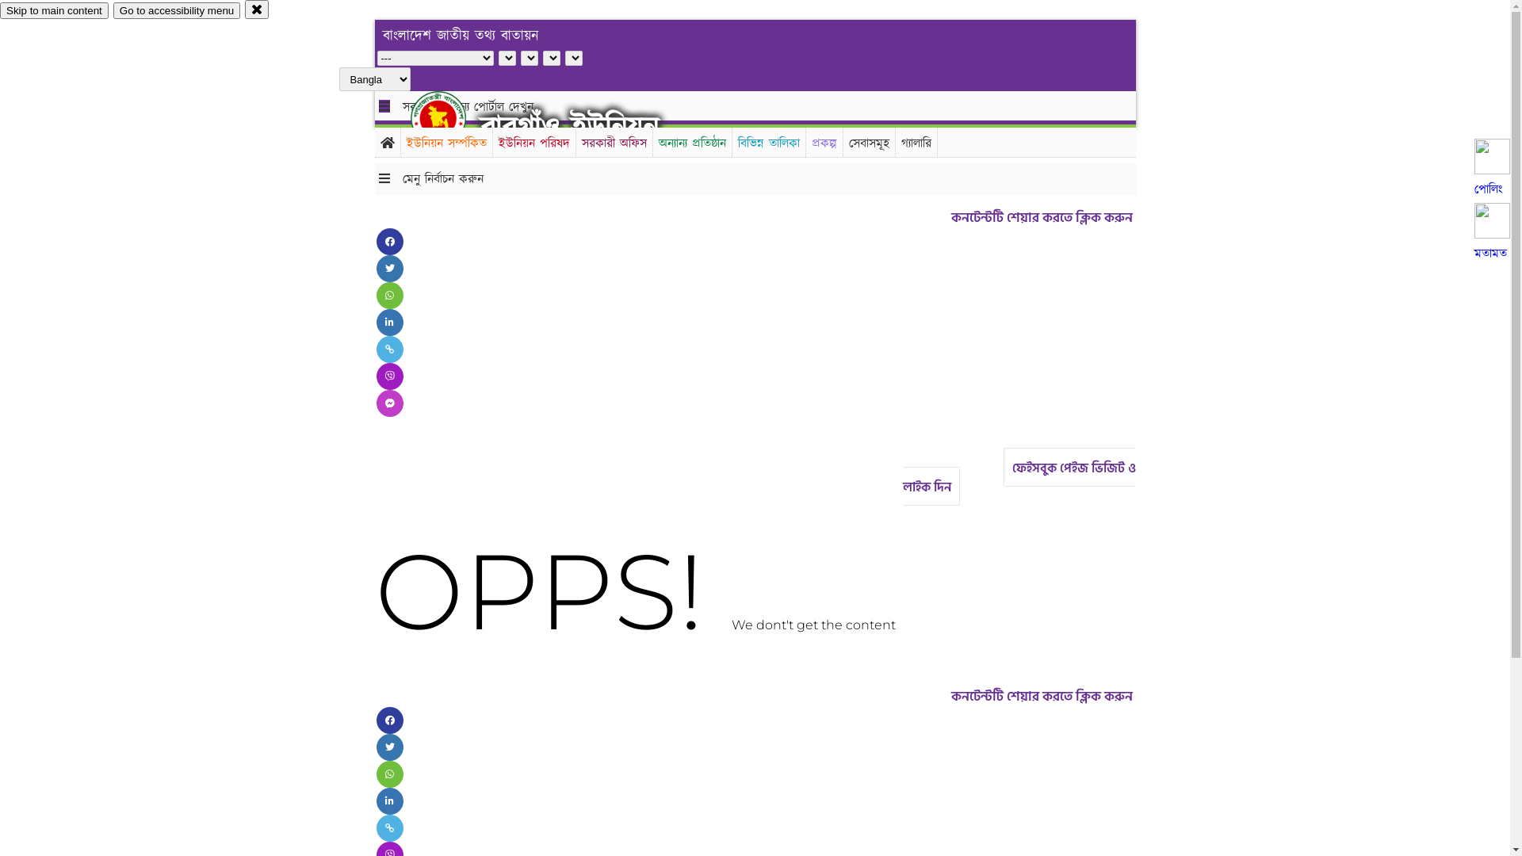 Image resolution: width=1522 pixels, height=856 pixels. I want to click on 'Go to accessibility menu', so click(176, 10).